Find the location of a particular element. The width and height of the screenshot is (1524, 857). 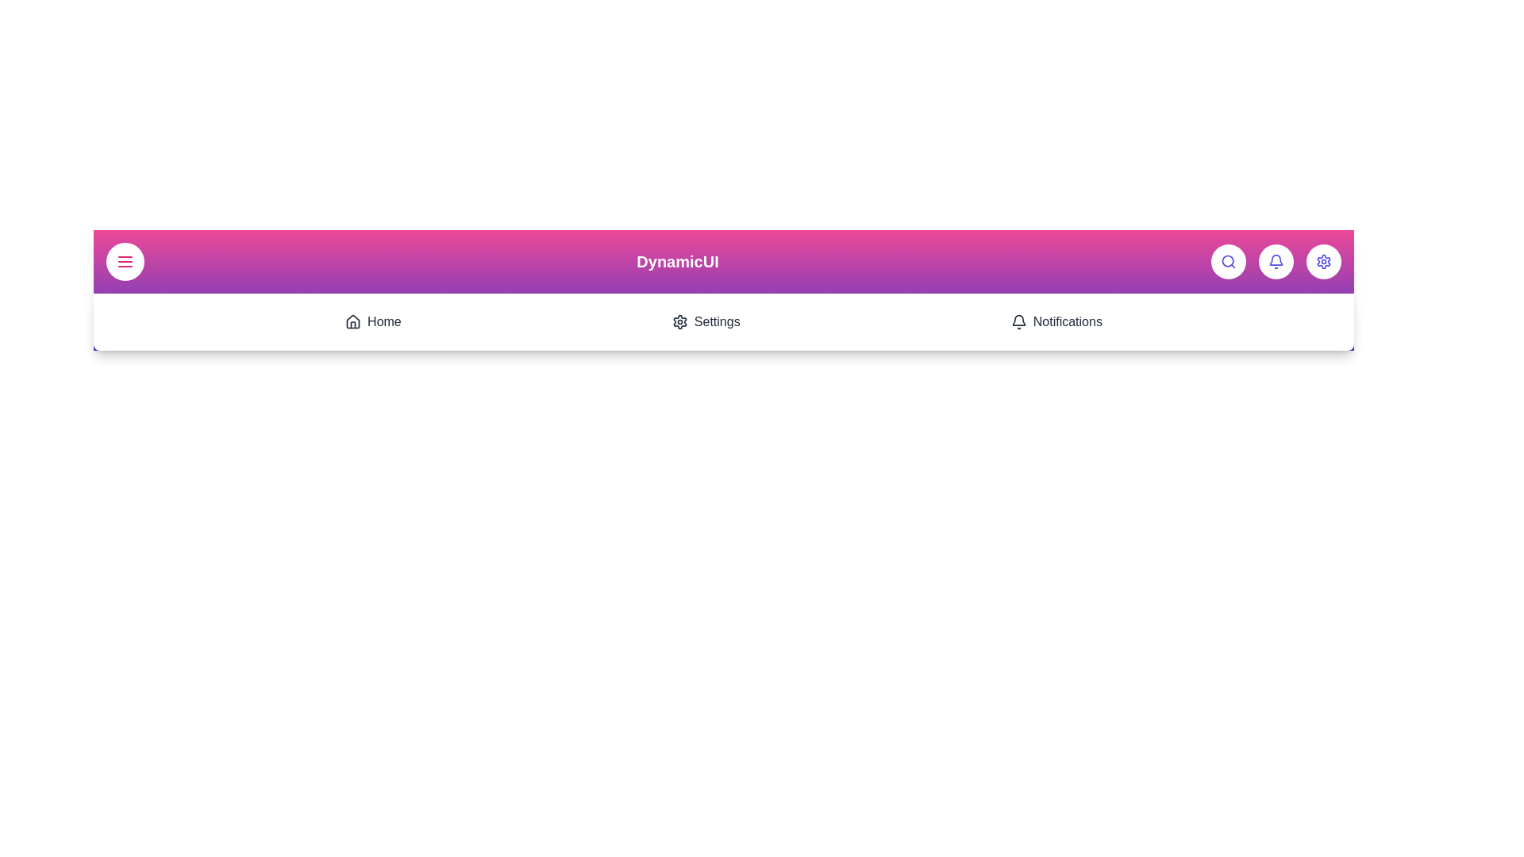

the 'Settings' menu item is located at coordinates (715, 321).